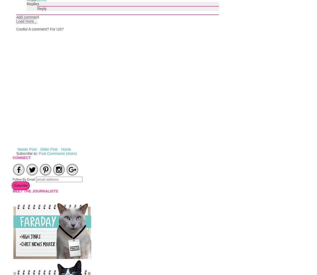 The height and width of the screenshot is (275, 317). Describe the element at coordinates (16, 21) in the screenshot. I see `'Load more...'` at that location.